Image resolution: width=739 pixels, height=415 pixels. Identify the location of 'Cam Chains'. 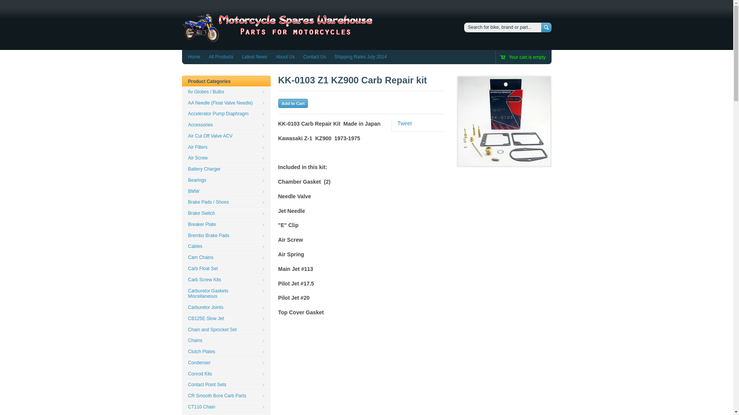
(181, 257).